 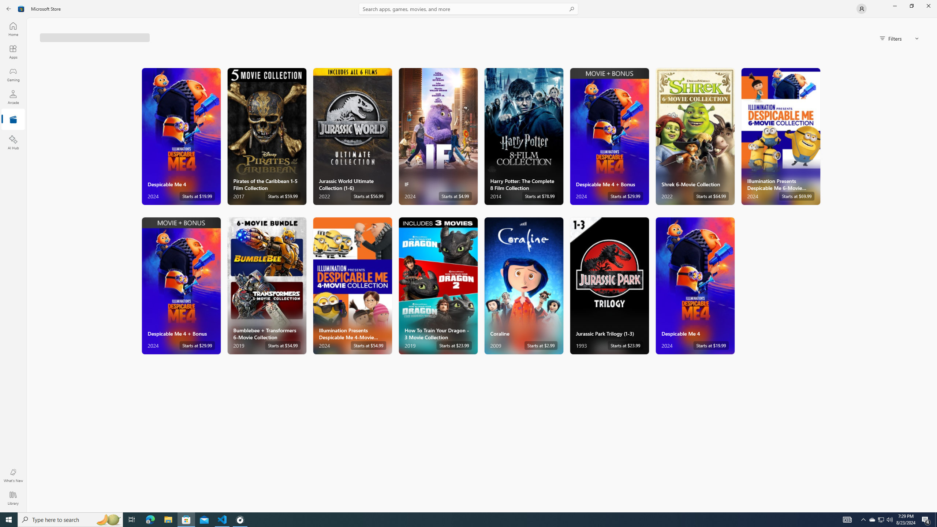 I want to click on 'AI Hub', so click(x=12, y=142).